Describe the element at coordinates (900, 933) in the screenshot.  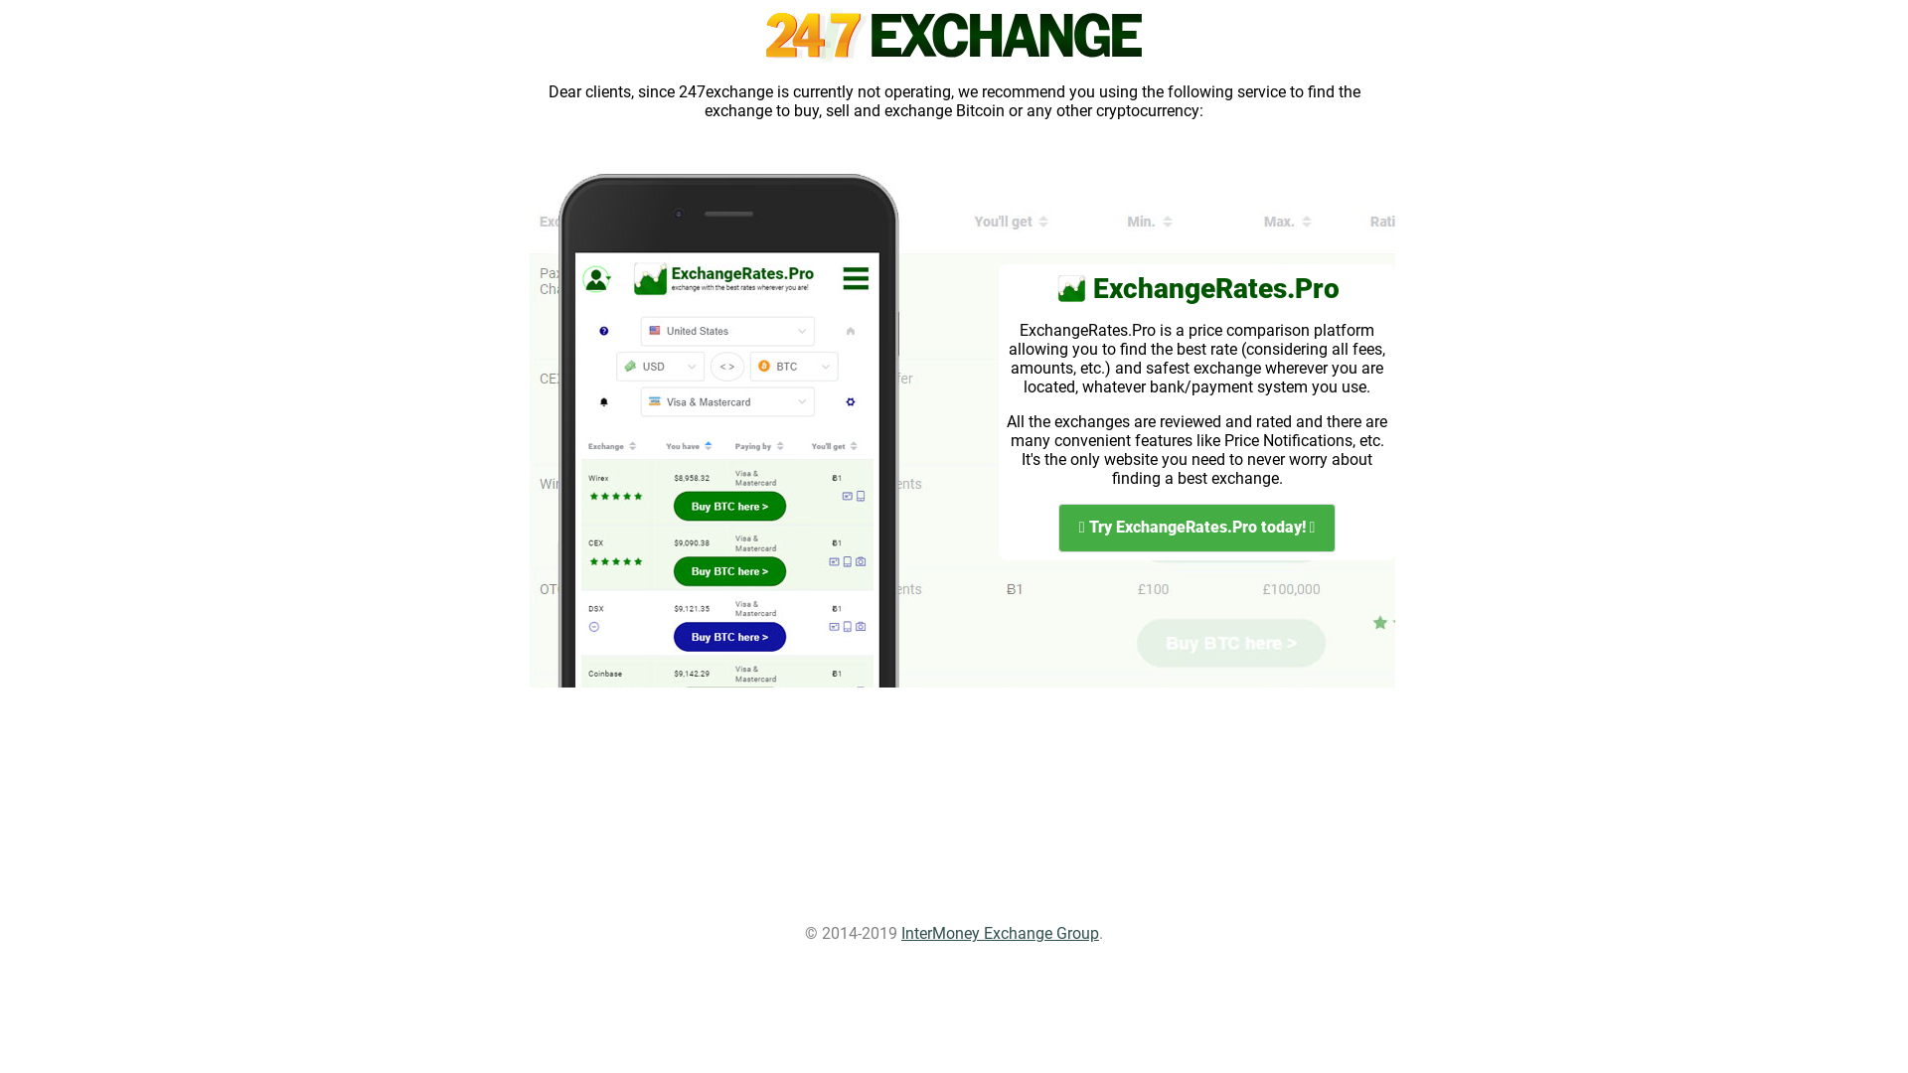
I see `'InterMoney Exchange Group'` at that location.